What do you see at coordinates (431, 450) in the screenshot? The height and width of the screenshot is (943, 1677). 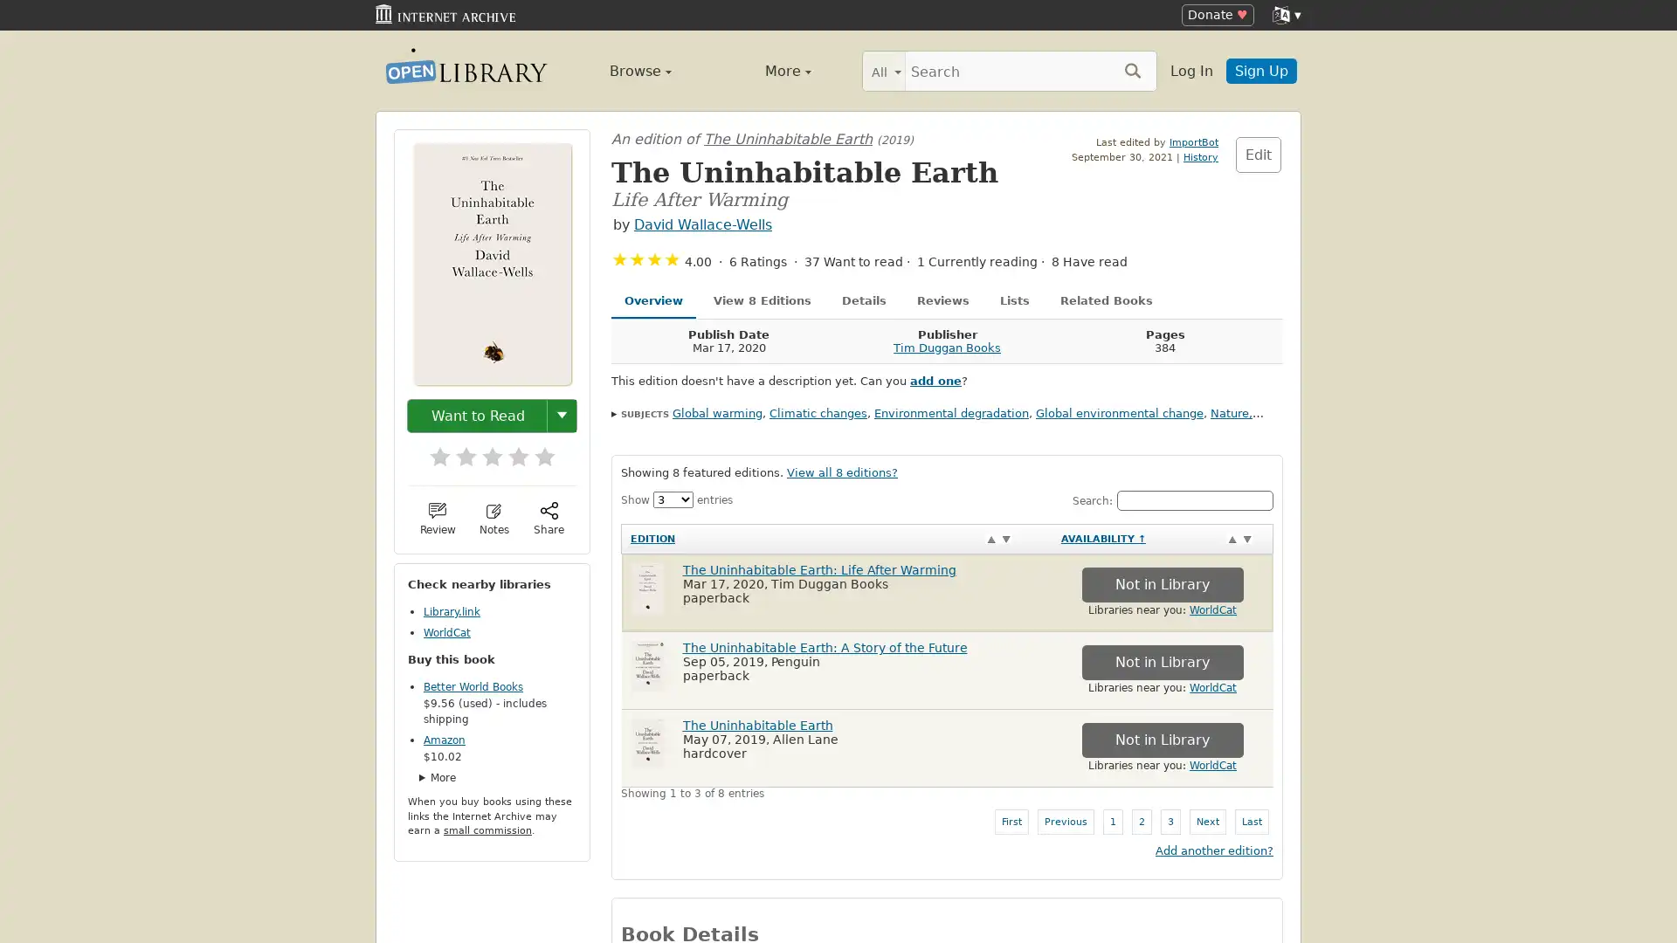 I see `1` at bounding box center [431, 450].